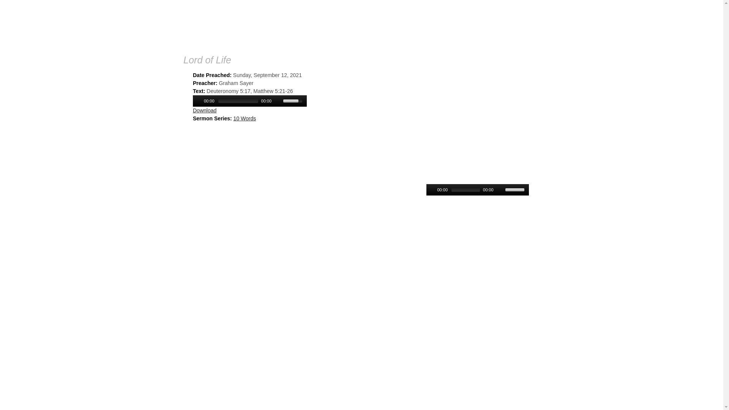 The height and width of the screenshot is (410, 729). What do you see at coordinates (500, 189) in the screenshot?
I see `'Mute Toggle'` at bounding box center [500, 189].